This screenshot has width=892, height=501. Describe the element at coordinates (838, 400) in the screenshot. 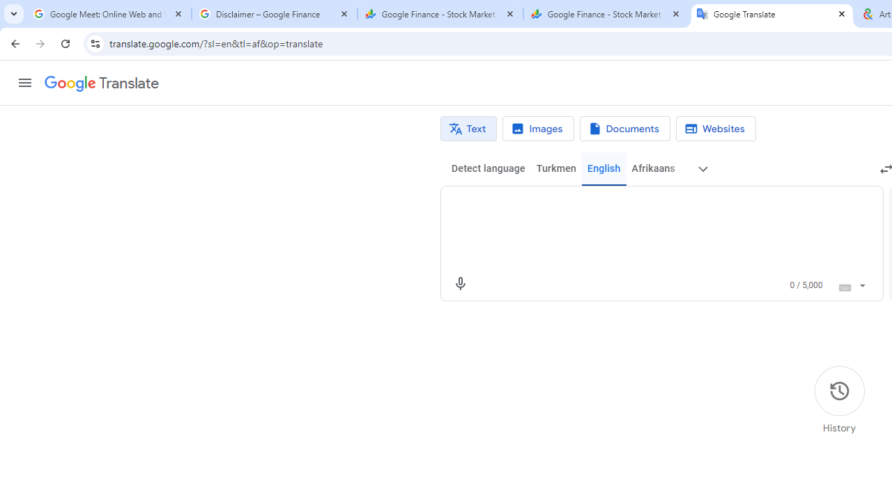

I see `'History'` at that location.